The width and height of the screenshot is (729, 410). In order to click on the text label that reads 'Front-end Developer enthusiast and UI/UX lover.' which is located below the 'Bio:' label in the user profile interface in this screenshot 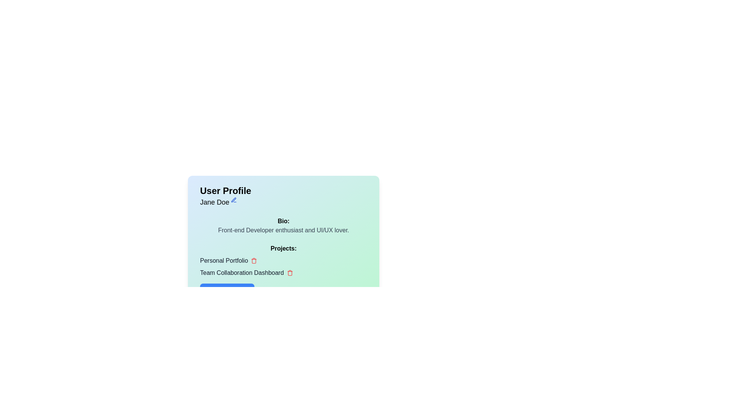, I will do `click(283, 230)`.